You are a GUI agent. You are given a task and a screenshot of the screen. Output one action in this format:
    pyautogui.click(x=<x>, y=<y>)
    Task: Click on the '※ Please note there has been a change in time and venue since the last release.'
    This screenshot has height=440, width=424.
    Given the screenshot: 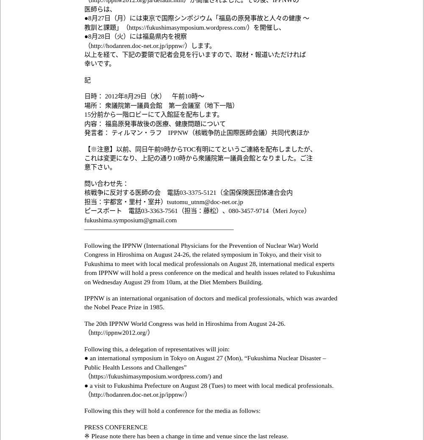 What is the action you would take?
    pyautogui.click(x=84, y=436)
    